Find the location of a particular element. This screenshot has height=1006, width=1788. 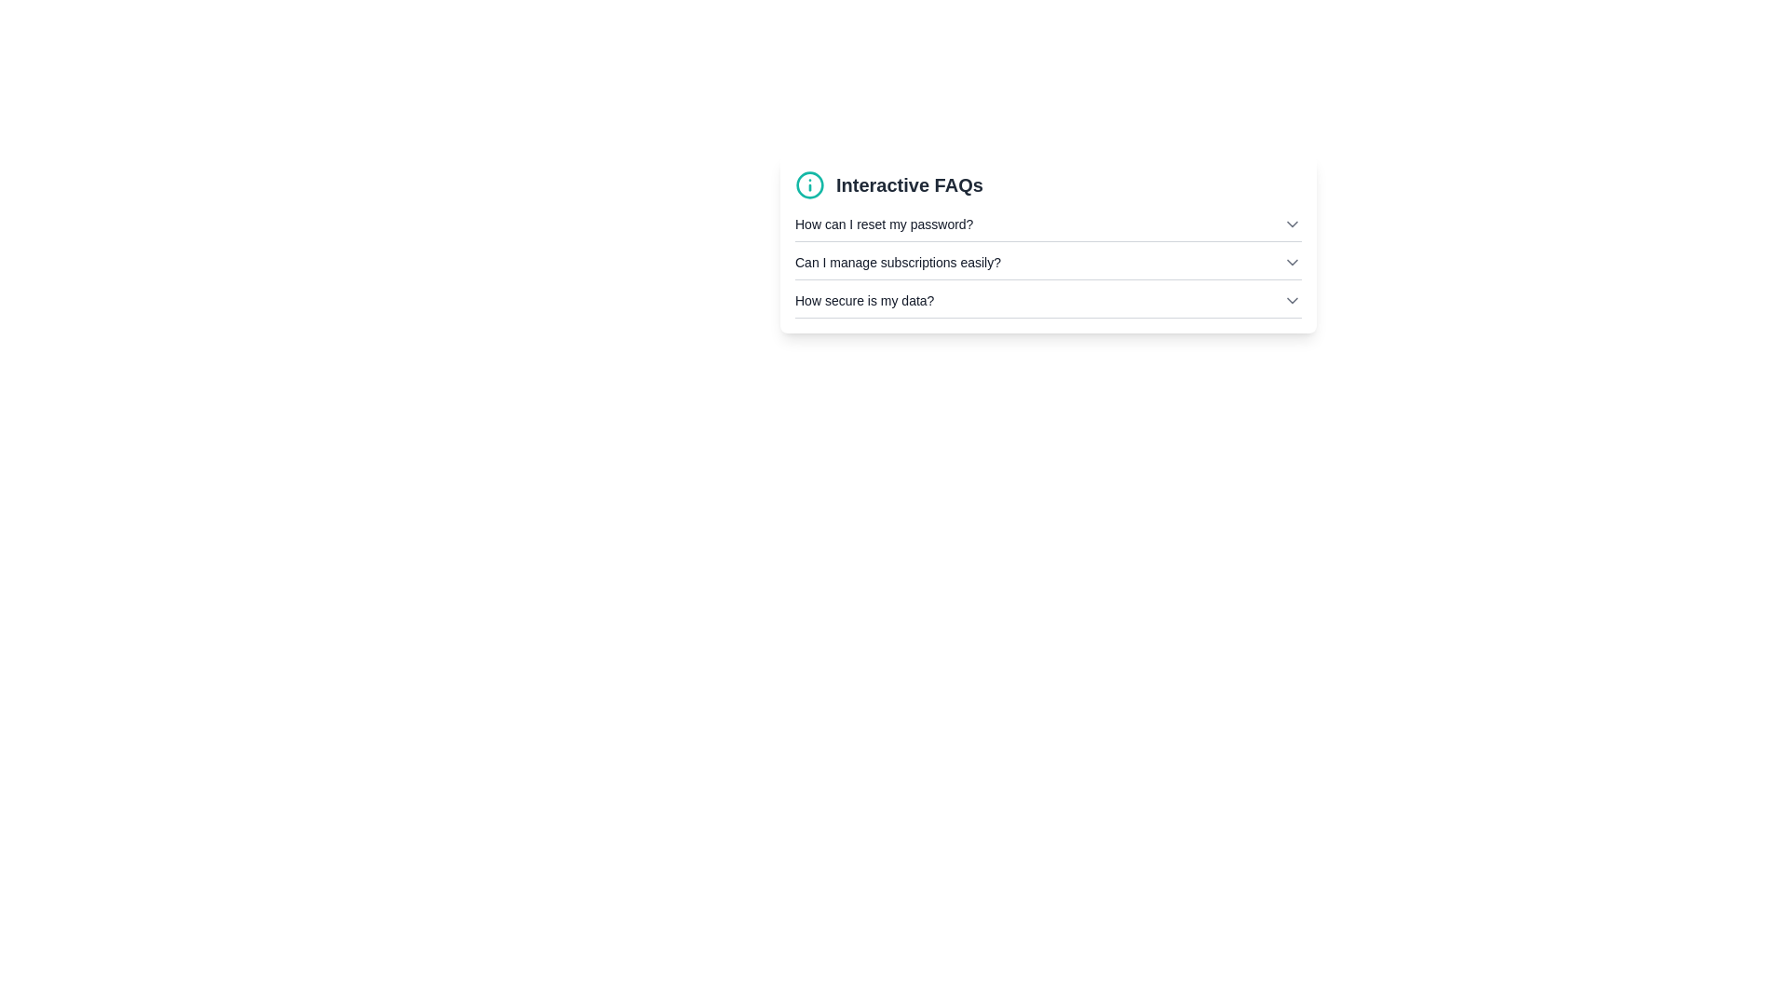

the icon representing additional details for the 'Interactive FAQs' section to trigger tooltip or highlight effects is located at coordinates (809, 185).